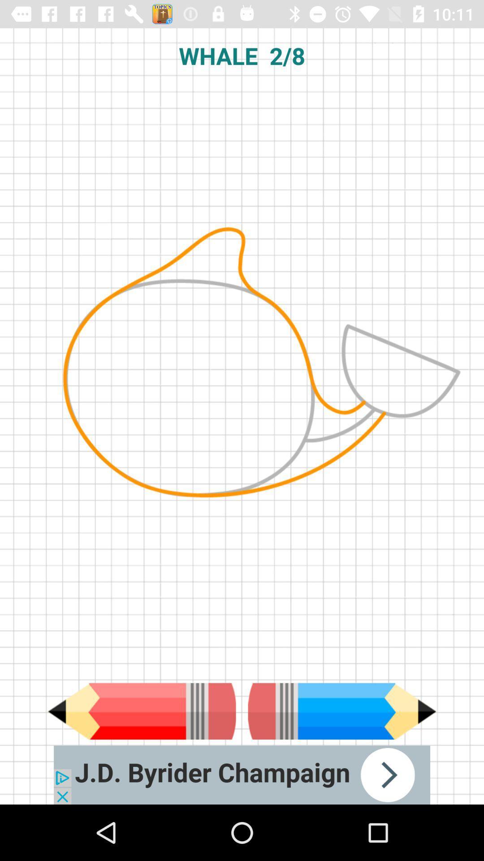 Image resolution: width=484 pixels, height=861 pixels. Describe the element at coordinates (342, 711) in the screenshot. I see `back` at that location.